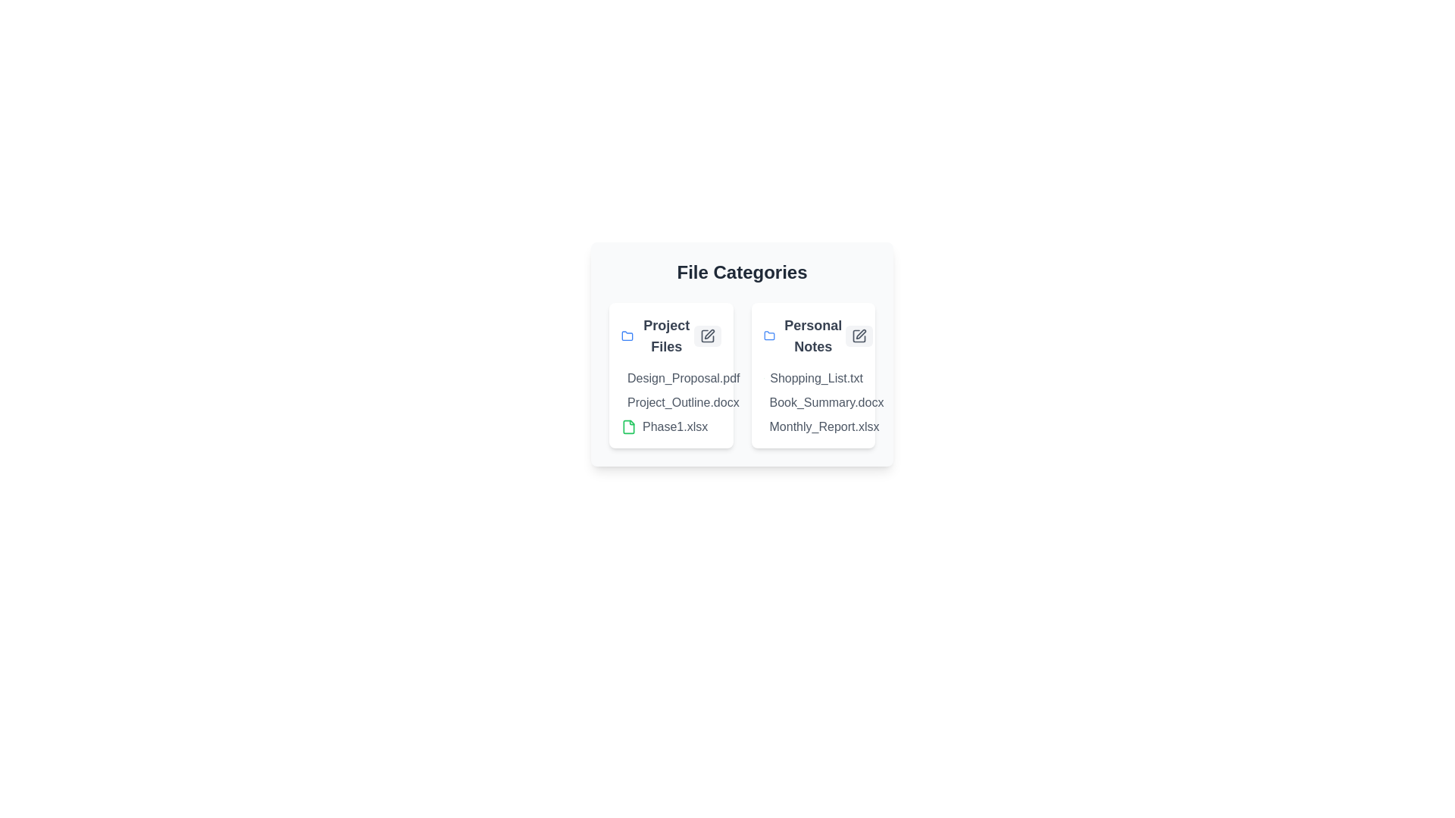 This screenshot has height=818, width=1455. I want to click on the document Project_Outline.docx, so click(627, 402).